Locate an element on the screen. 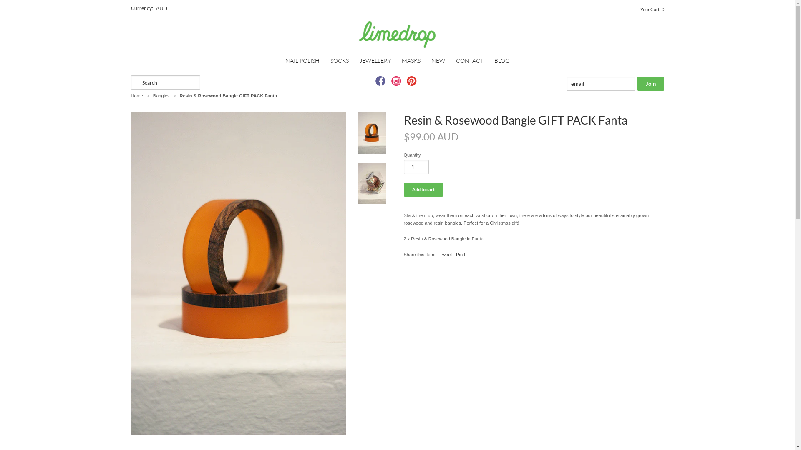 The width and height of the screenshot is (801, 450). 'Tweet' is located at coordinates (445, 254).